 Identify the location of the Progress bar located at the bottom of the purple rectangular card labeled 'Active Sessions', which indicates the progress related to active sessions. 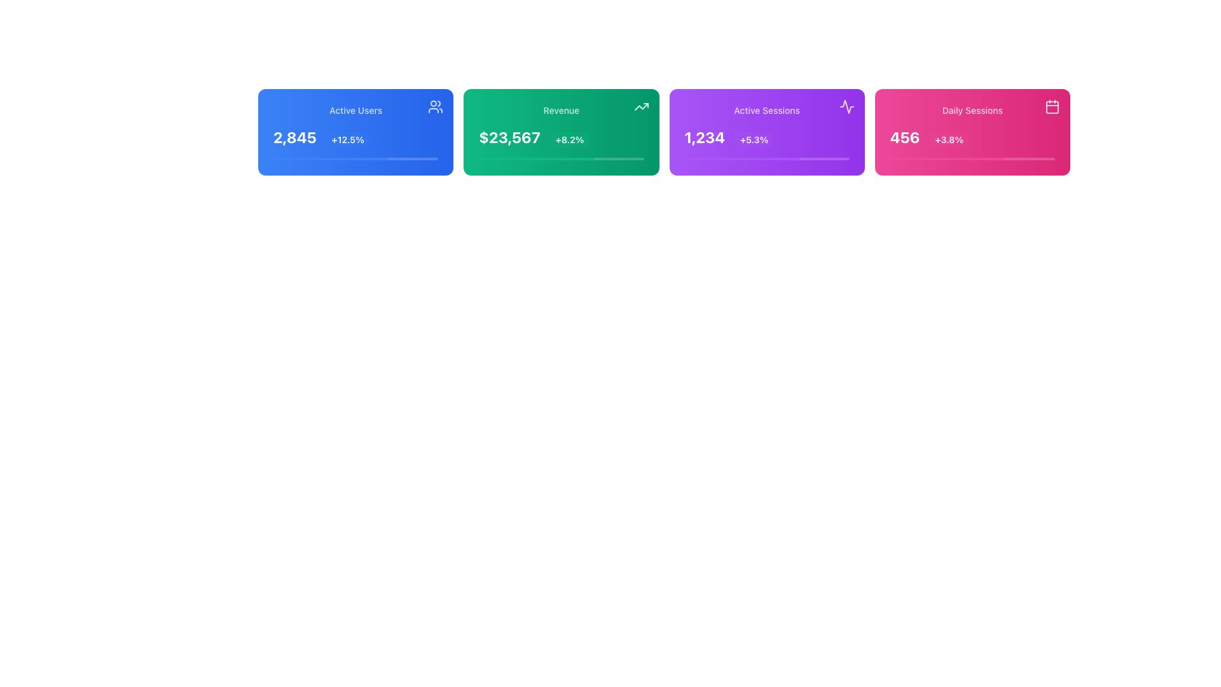
(766, 158).